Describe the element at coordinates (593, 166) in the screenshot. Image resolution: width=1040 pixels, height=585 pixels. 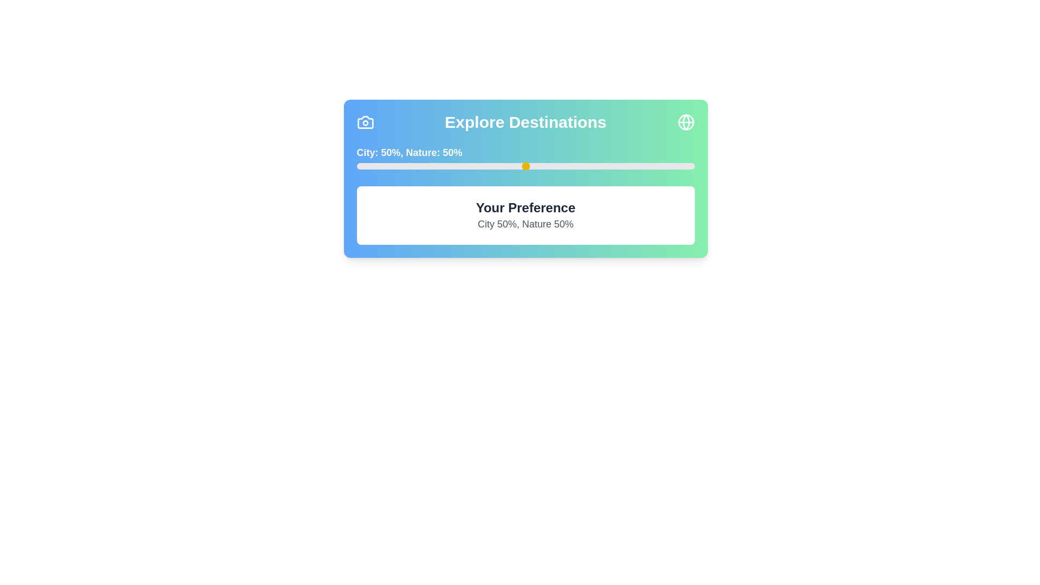
I see `the slider to set the Nature preference to 70%` at that location.